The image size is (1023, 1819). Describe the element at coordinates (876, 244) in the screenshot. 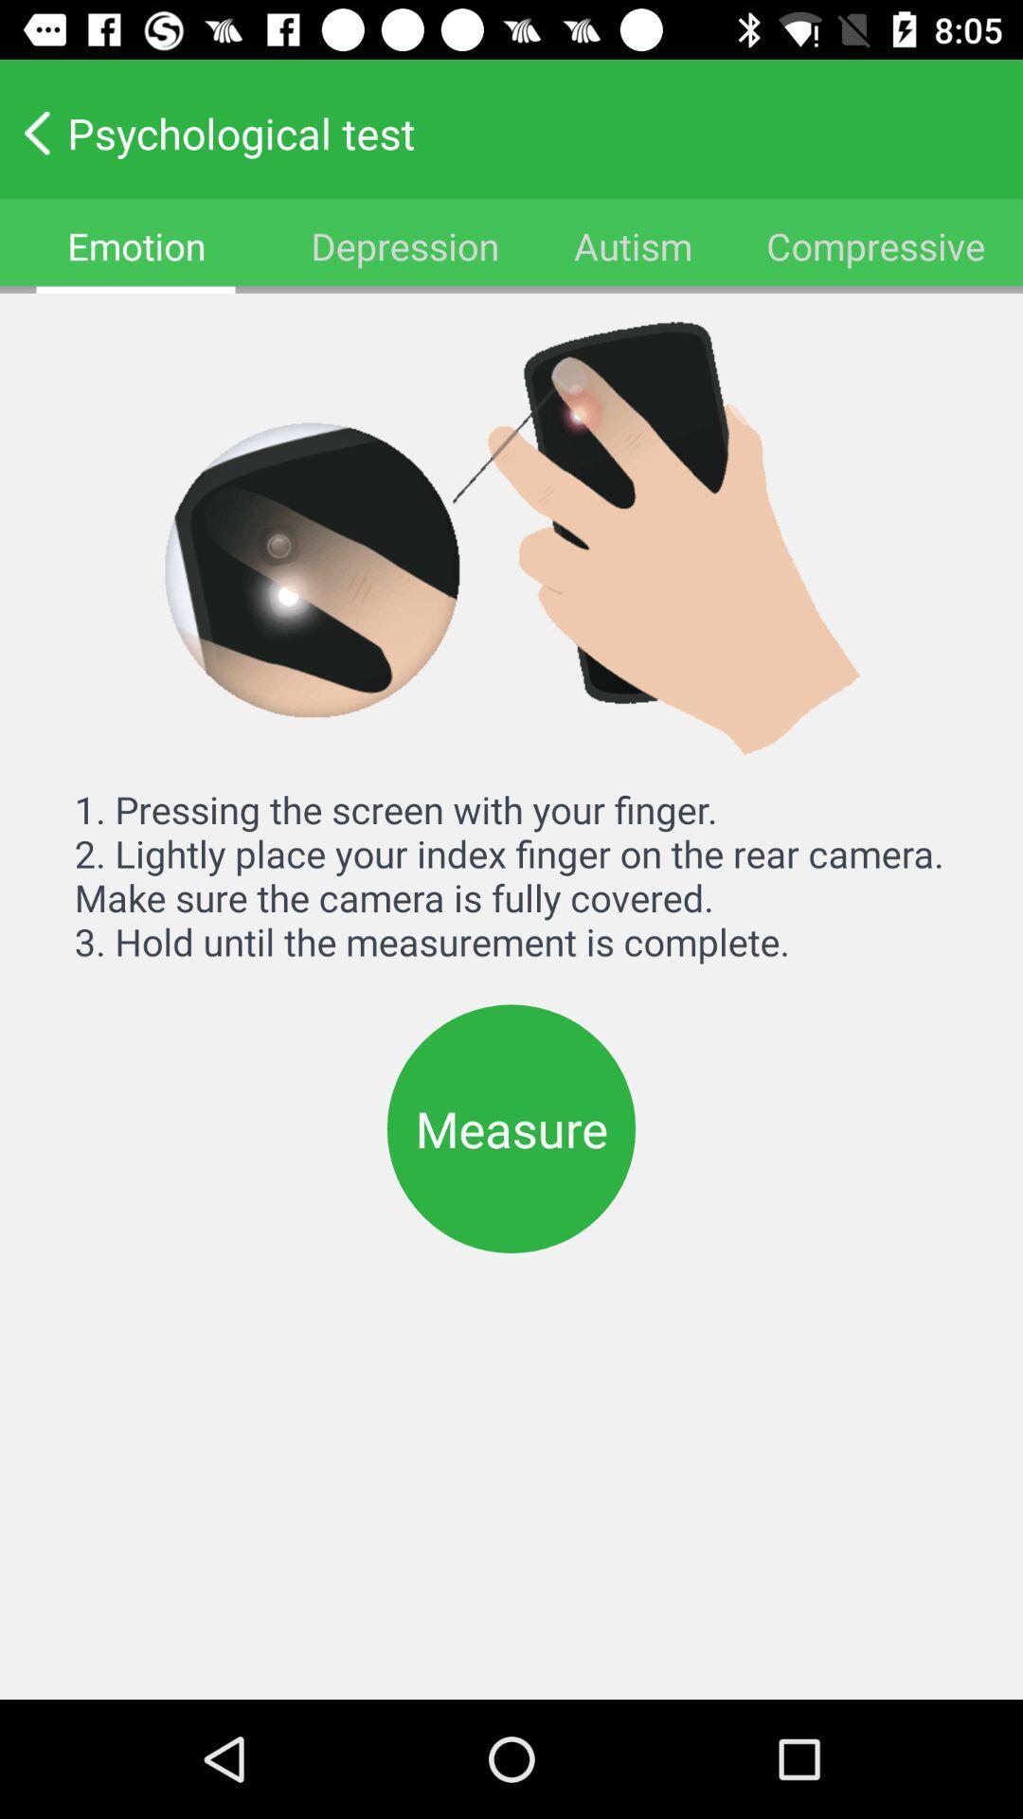

I see `icon below psychological test icon` at that location.